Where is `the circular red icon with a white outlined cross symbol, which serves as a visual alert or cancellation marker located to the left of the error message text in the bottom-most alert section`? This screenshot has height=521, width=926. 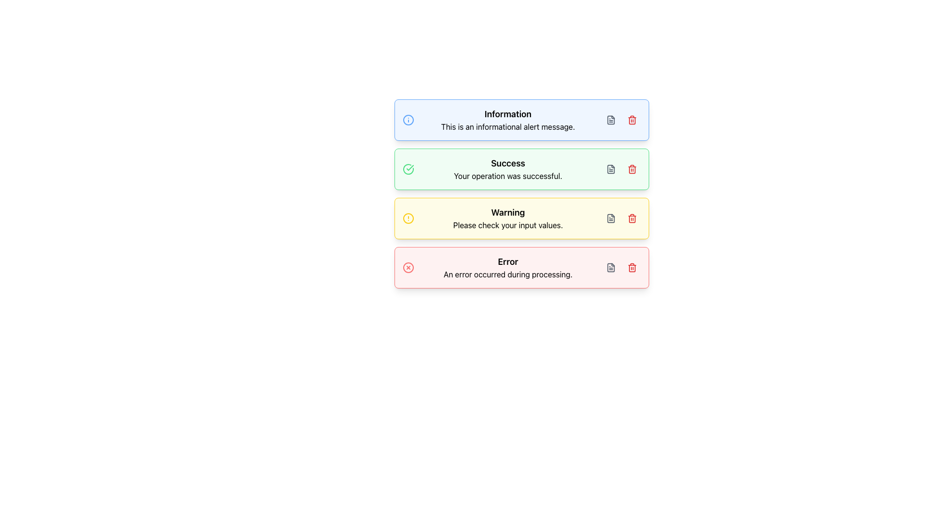 the circular red icon with a white outlined cross symbol, which serves as a visual alert or cancellation marker located to the left of the error message text in the bottom-most alert section is located at coordinates (408, 268).